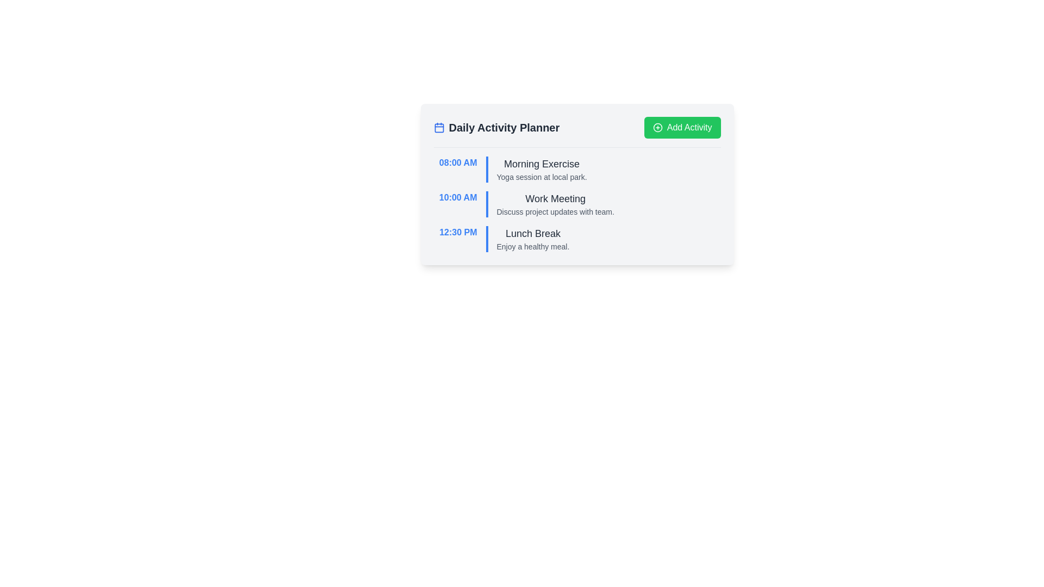  What do you see at coordinates (555, 211) in the screenshot?
I see `the gray text snippet reading 'Discuss project updates with team.' located beneath the title 'Work Meeting' in the '10:00 AM' time block of the planner` at bounding box center [555, 211].